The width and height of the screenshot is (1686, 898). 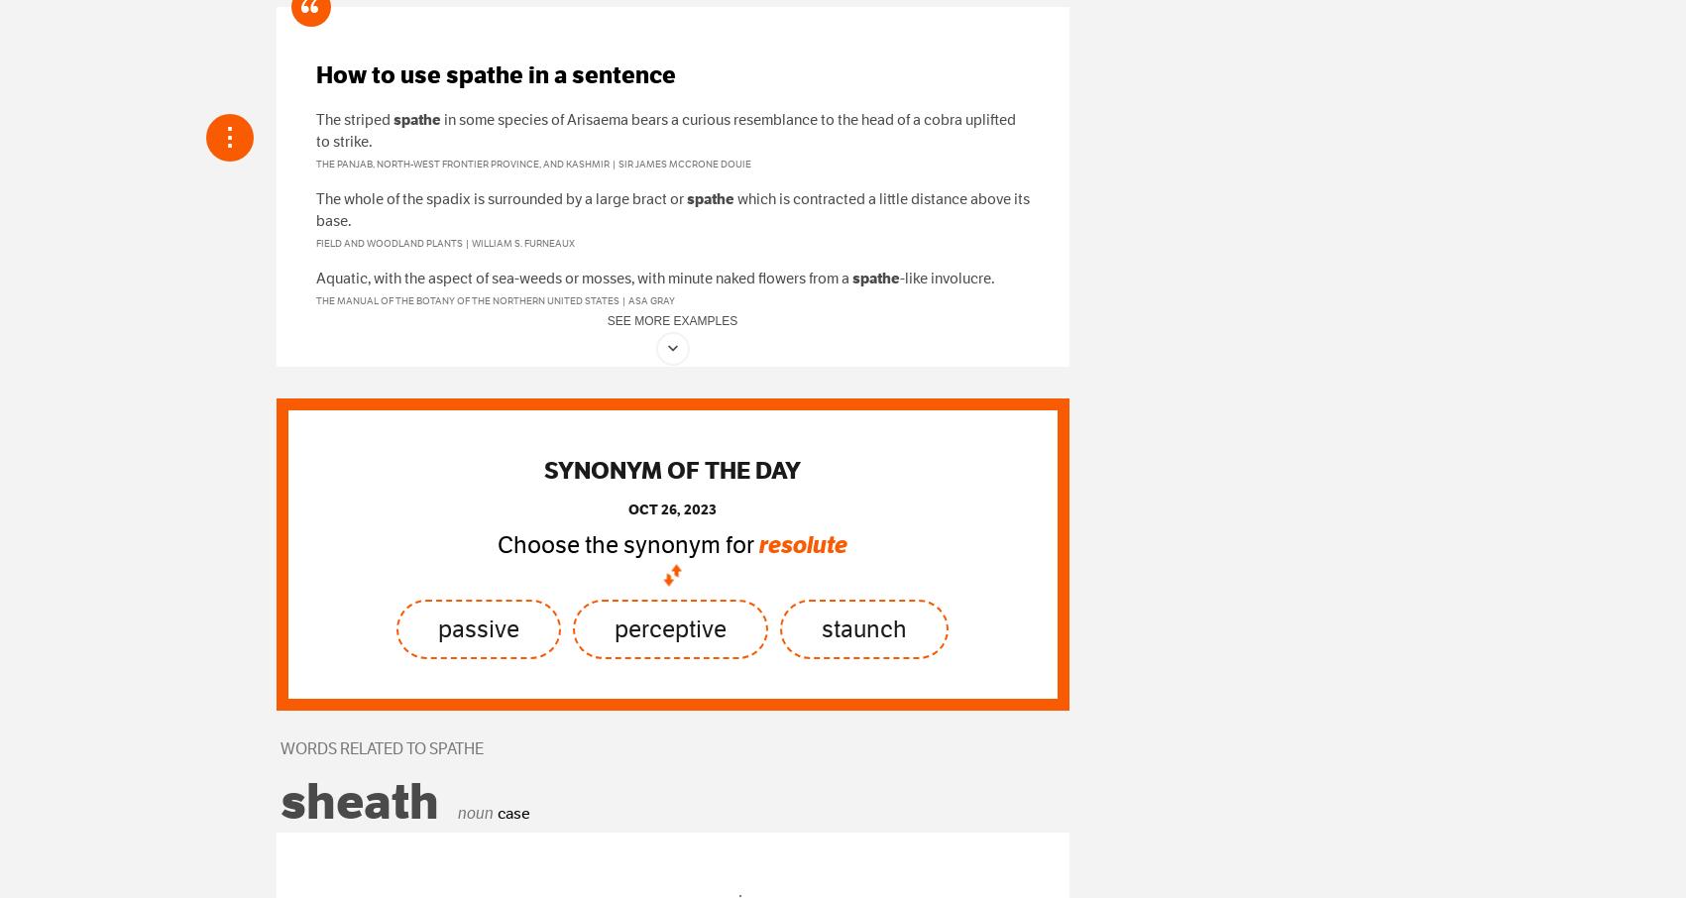 I want to click on 'in some species of Arisaema bears a curious resemblance to the head of a cobra uplifted to strike.', so click(x=664, y=129).